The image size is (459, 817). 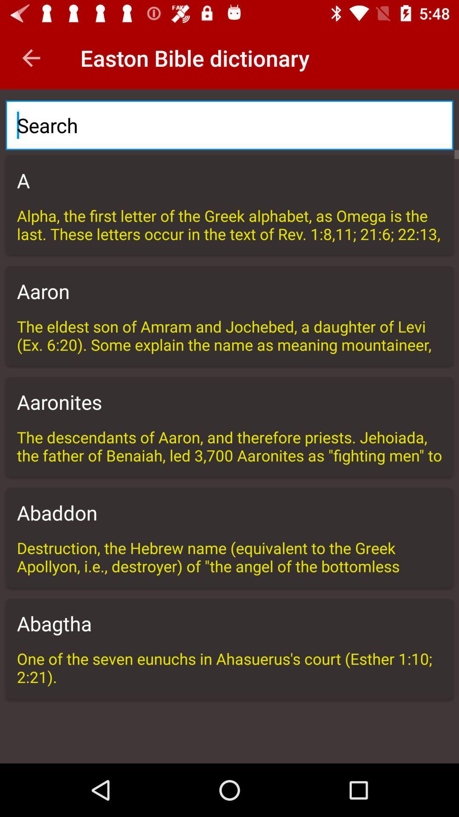 What do you see at coordinates (229, 334) in the screenshot?
I see `the icon below aaron item` at bounding box center [229, 334].